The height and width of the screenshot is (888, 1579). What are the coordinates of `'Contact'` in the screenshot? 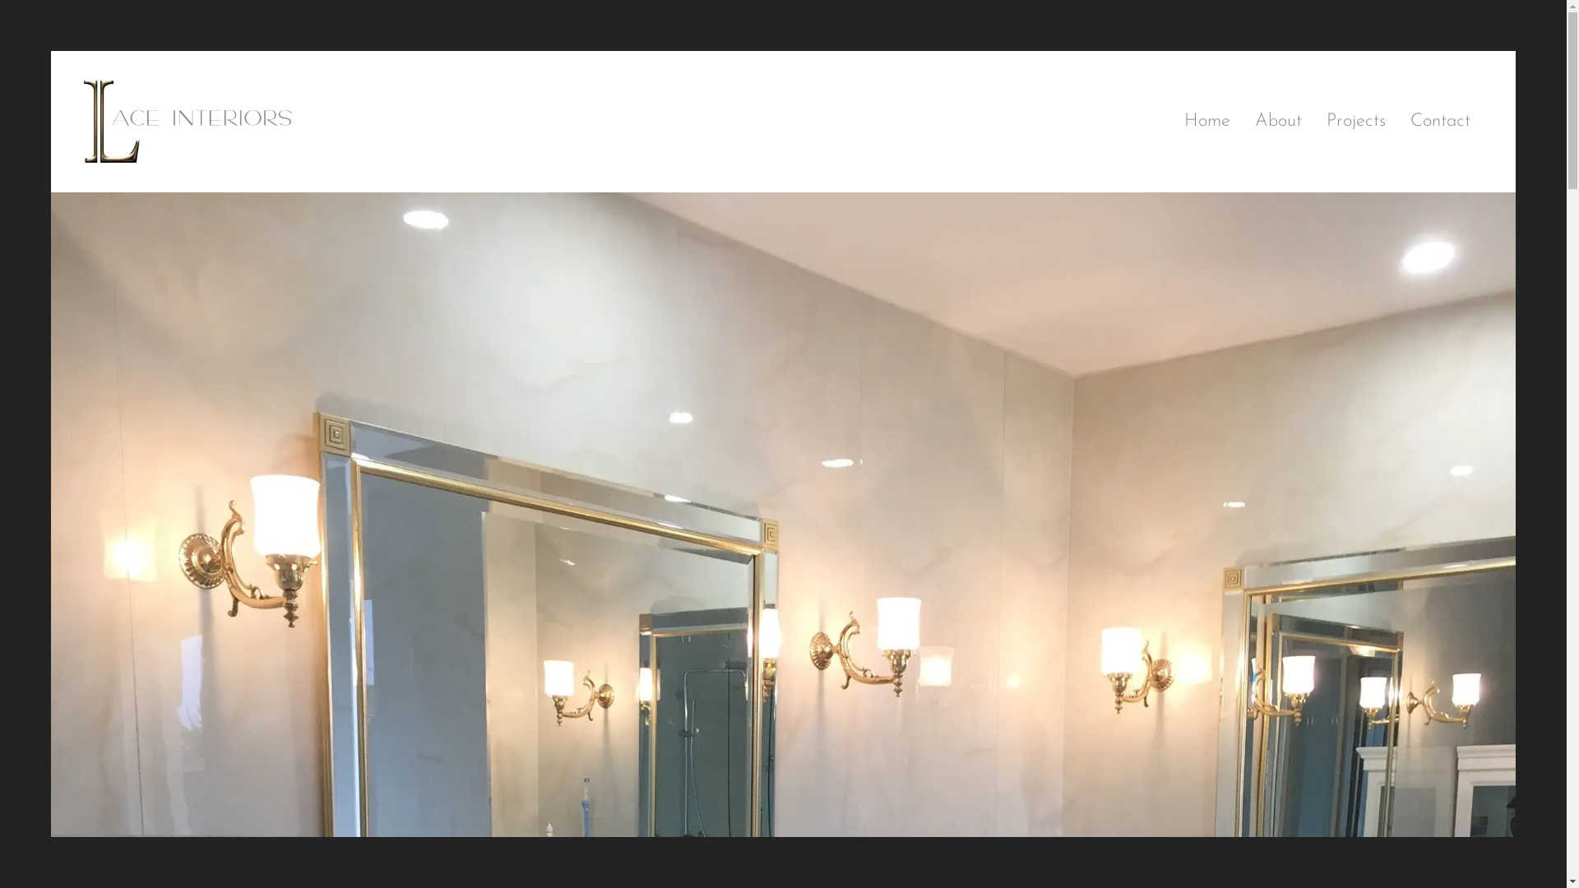 It's located at (1396, 120).